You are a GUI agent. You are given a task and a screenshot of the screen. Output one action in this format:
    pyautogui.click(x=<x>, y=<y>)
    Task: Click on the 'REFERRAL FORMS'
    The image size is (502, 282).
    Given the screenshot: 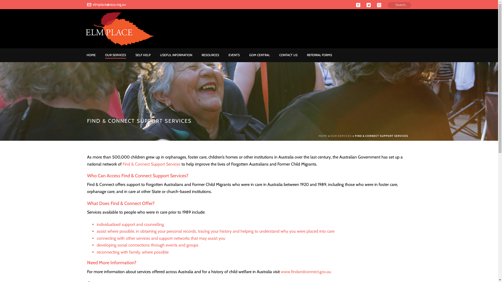 What is the action you would take?
    pyautogui.click(x=319, y=55)
    